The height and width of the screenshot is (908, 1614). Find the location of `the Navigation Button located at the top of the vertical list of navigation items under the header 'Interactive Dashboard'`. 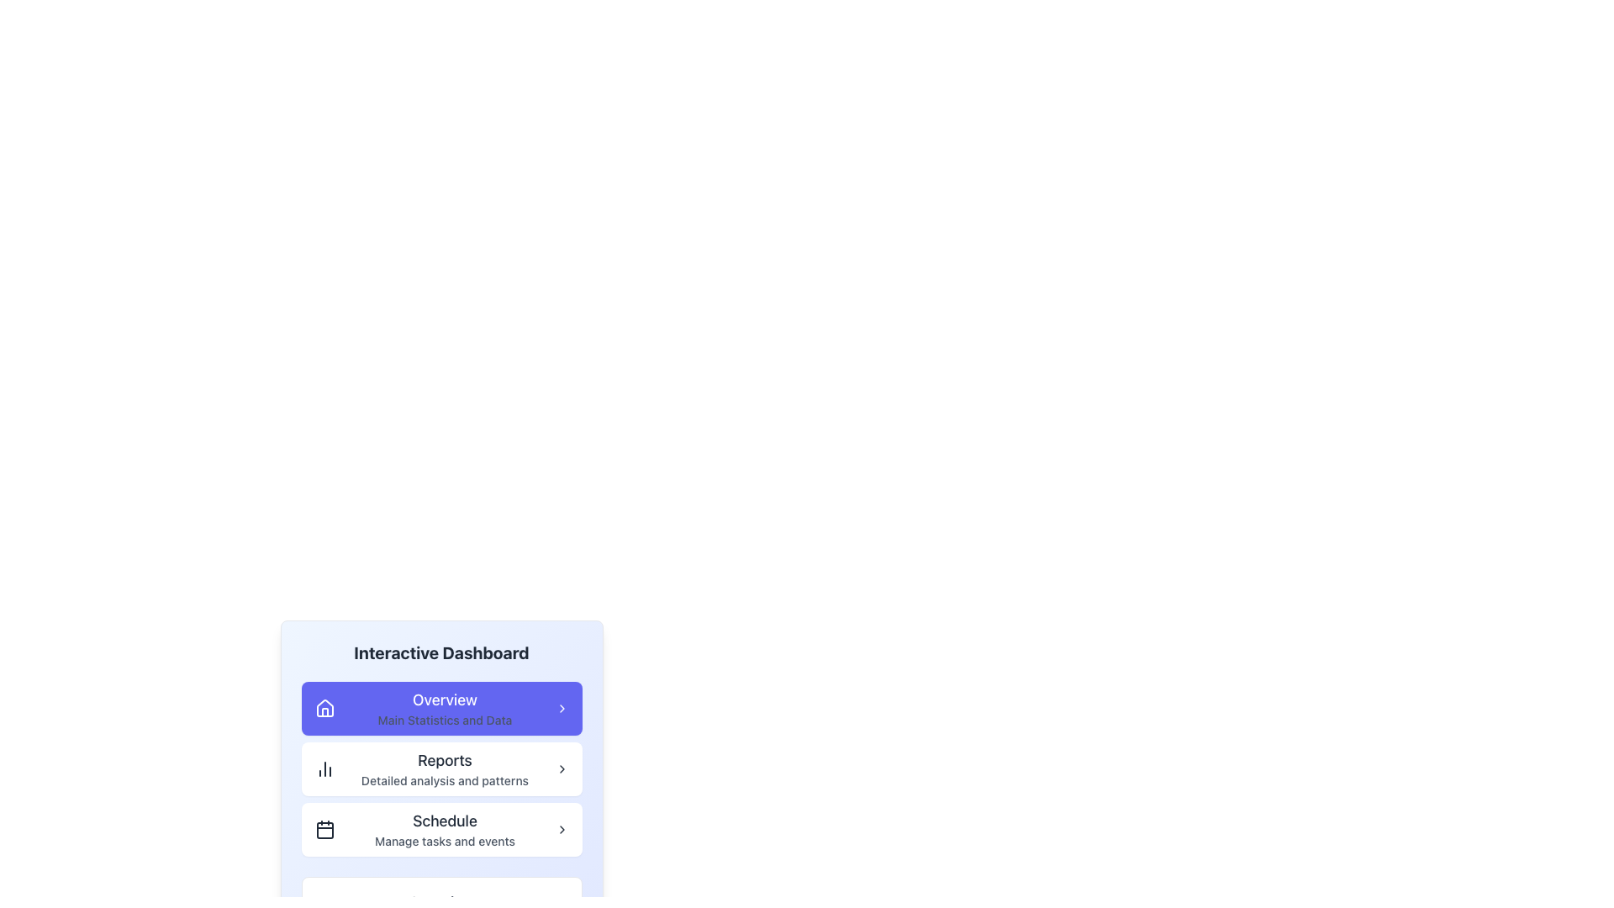

the Navigation Button located at the top of the vertical list of navigation items under the header 'Interactive Dashboard' is located at coordinates (445, 709).